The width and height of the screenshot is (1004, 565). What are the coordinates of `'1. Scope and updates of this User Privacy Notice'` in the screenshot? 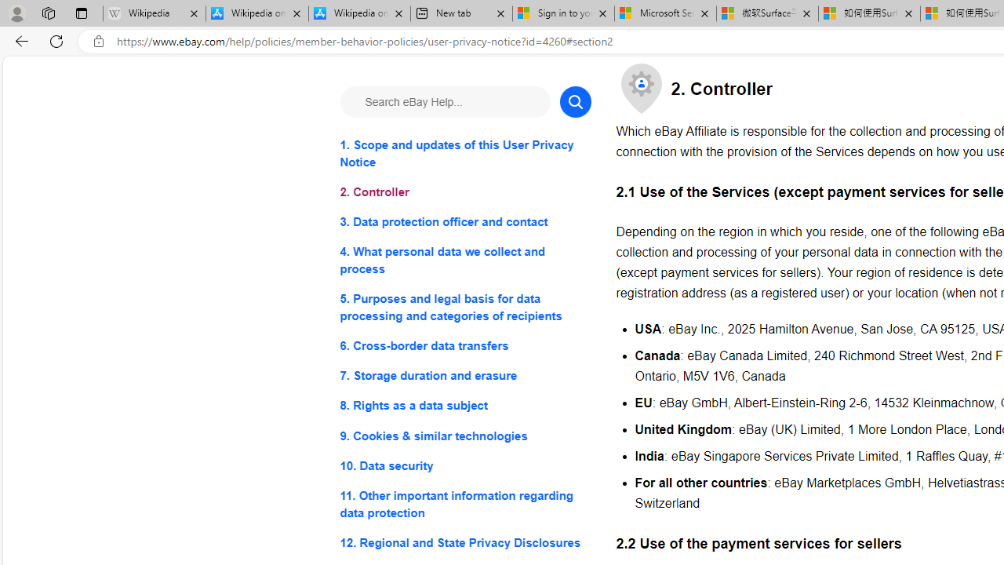 It's located at (464, 154).